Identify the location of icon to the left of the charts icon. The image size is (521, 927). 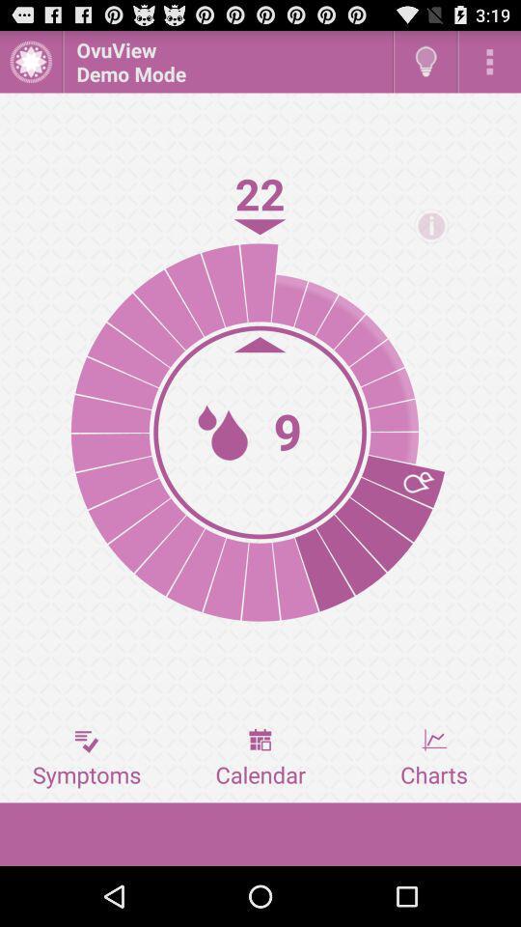
(260, 758).